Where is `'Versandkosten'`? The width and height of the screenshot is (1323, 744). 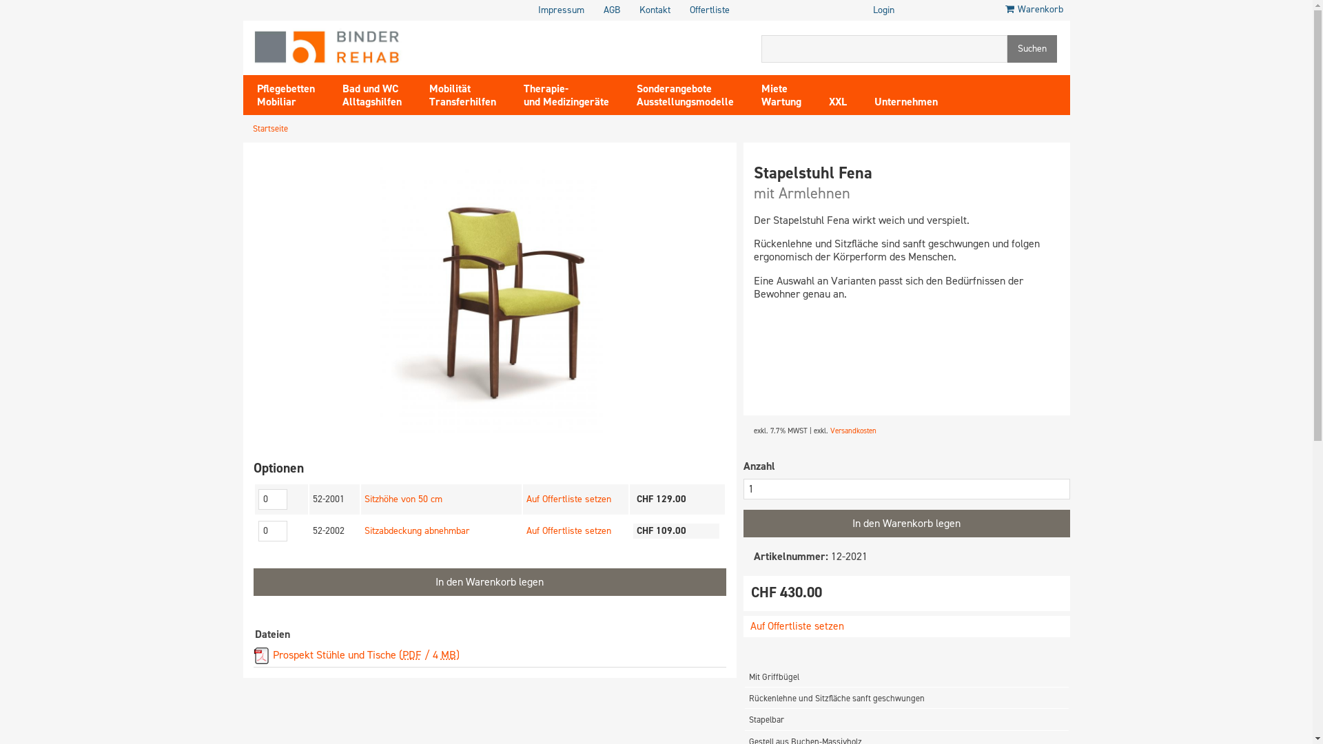 'Versandkosten' is located at coordinates (852, 430).